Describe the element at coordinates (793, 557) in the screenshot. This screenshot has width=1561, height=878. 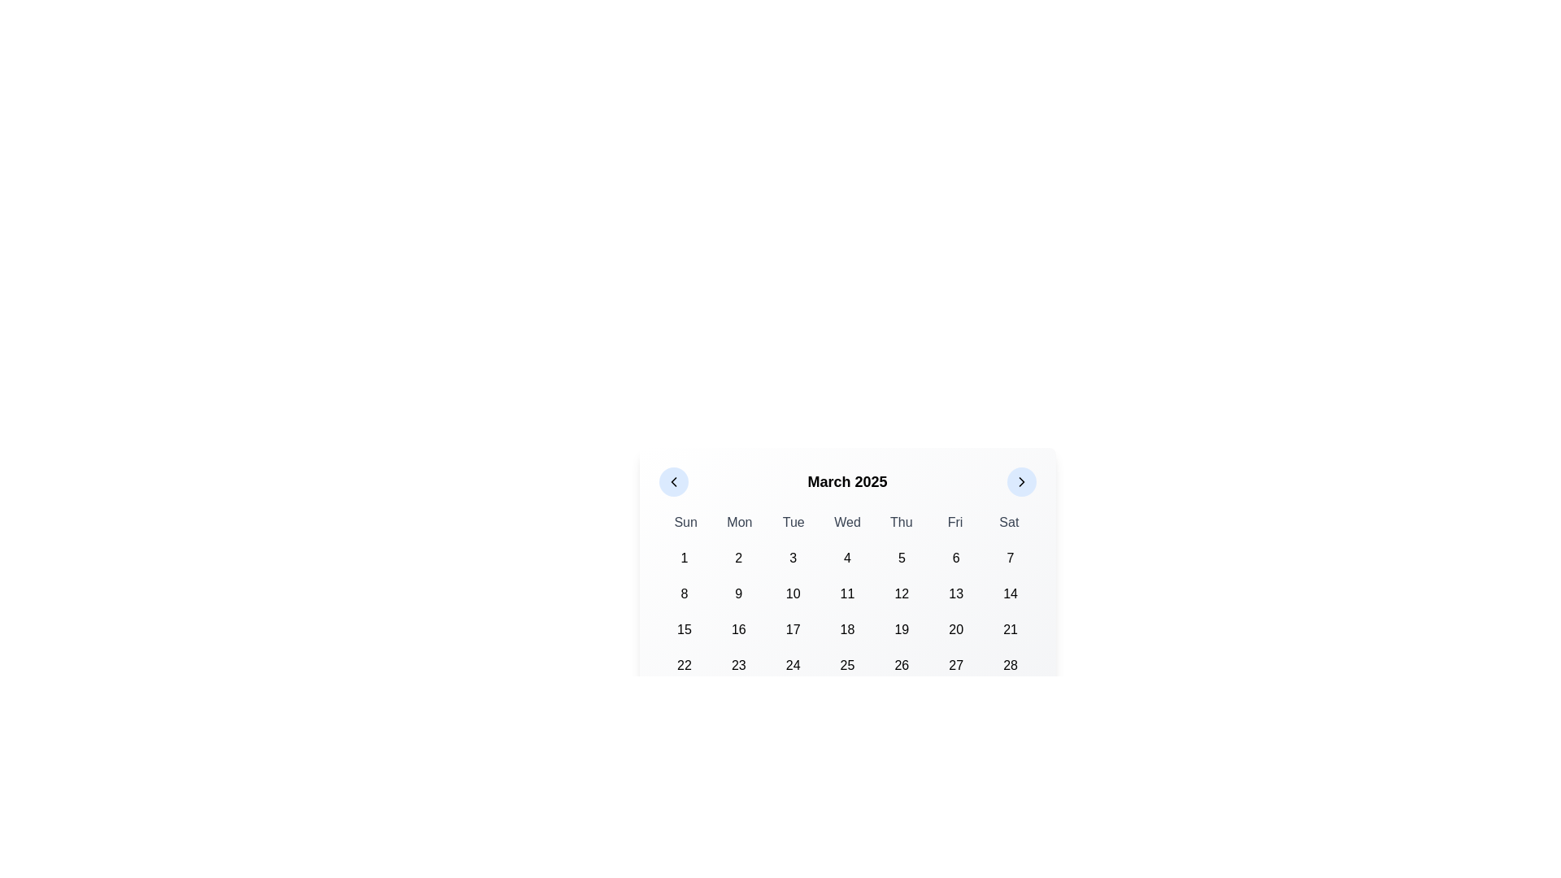
I see `the third day of the month (3)` at that location.